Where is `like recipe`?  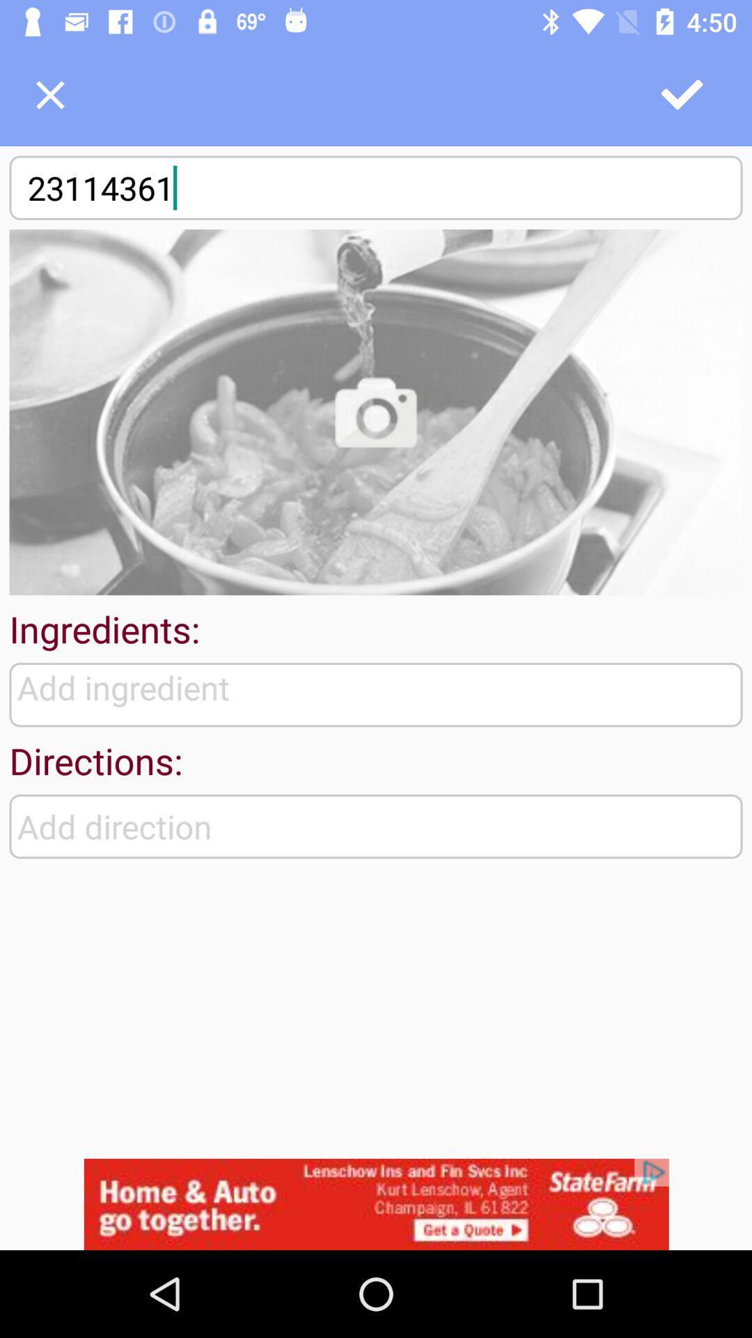 like recipe is located at coordinates (682, 94).